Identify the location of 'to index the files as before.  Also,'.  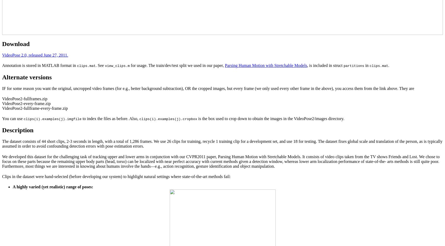
(110, 119).